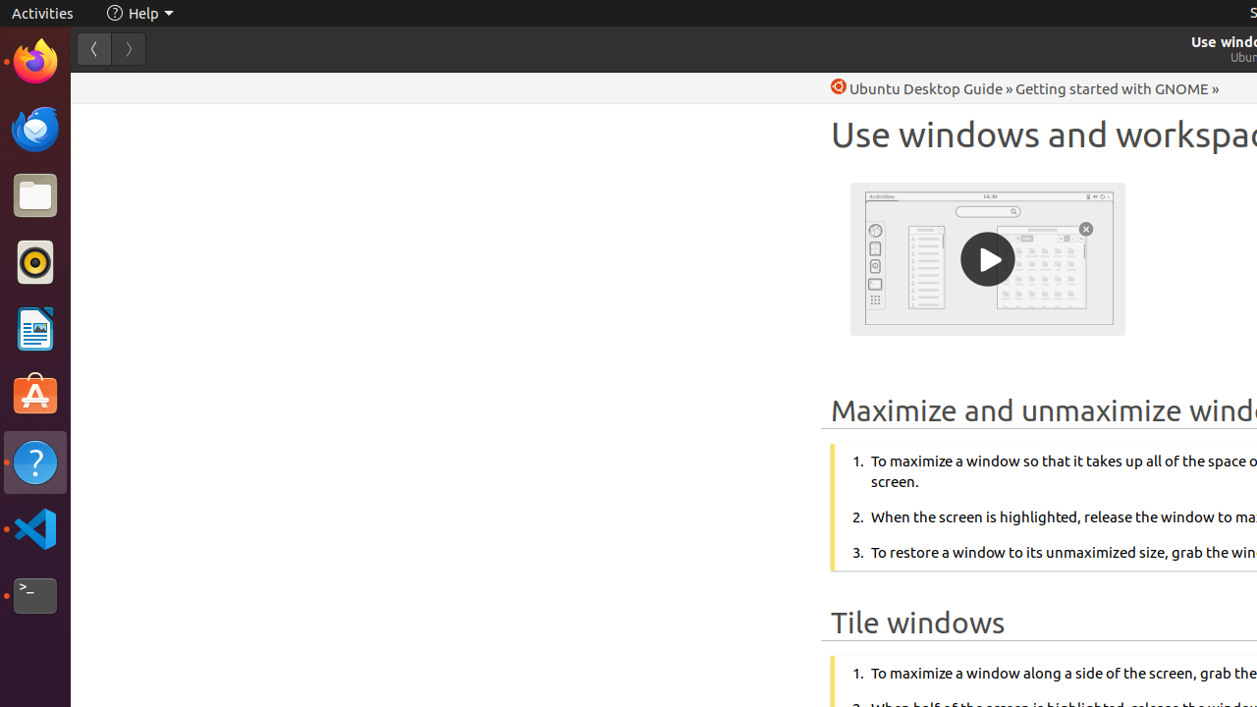 This screenshot has width=1257, height=707. Describe the element at coordinates (34, 60) in the screenshot. I see `'Firefox Web Browser'` at that location.